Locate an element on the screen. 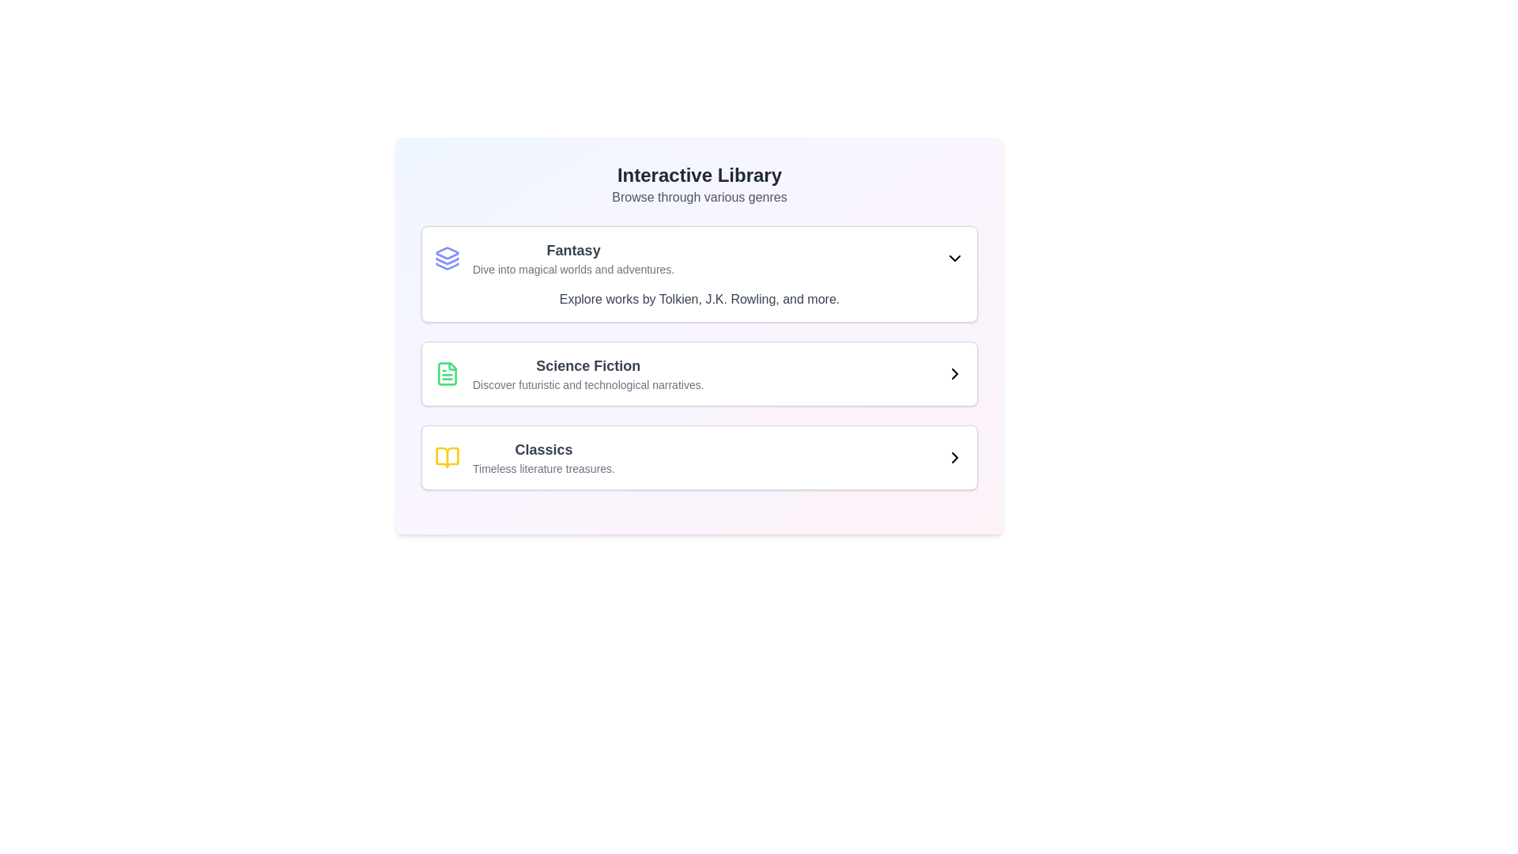  the content of the 'Fantasy' Category Card, which is the first card in the list, featuring the heading 'Fantasy' in bold and a description about magical worlds is located at coordinates (698, 274).